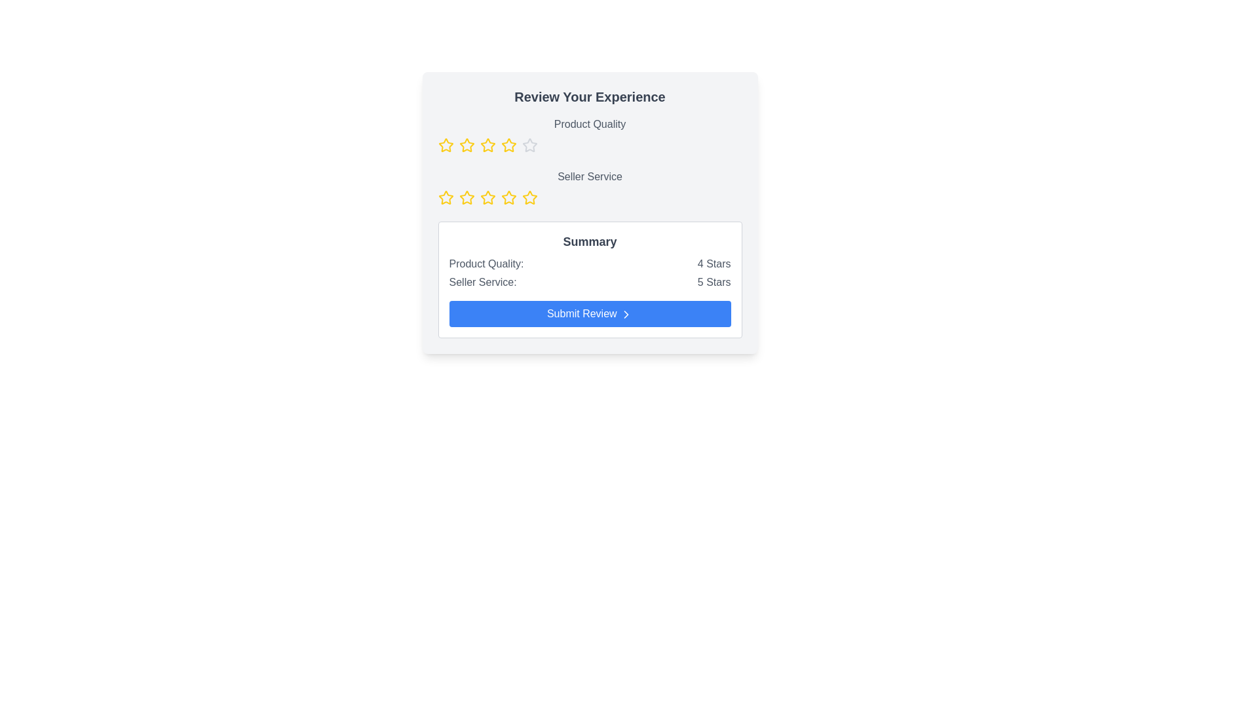 This screenshot has height=708, width=1258. Describe the element at coordinates (508, 145) in the screenshot. I see `the fourth star-shaped rating icon, which is yellow and part of the 'Product Quality' section` at that location.